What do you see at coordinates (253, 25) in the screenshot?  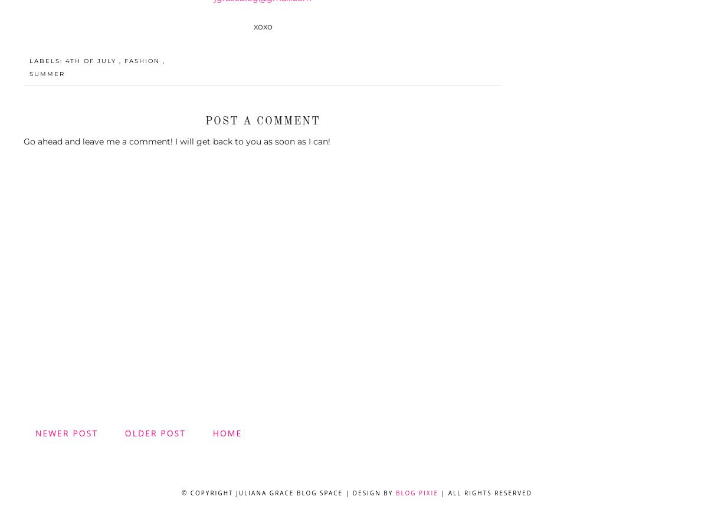 I see `'xoxo'` at bounding box center [253, 25].